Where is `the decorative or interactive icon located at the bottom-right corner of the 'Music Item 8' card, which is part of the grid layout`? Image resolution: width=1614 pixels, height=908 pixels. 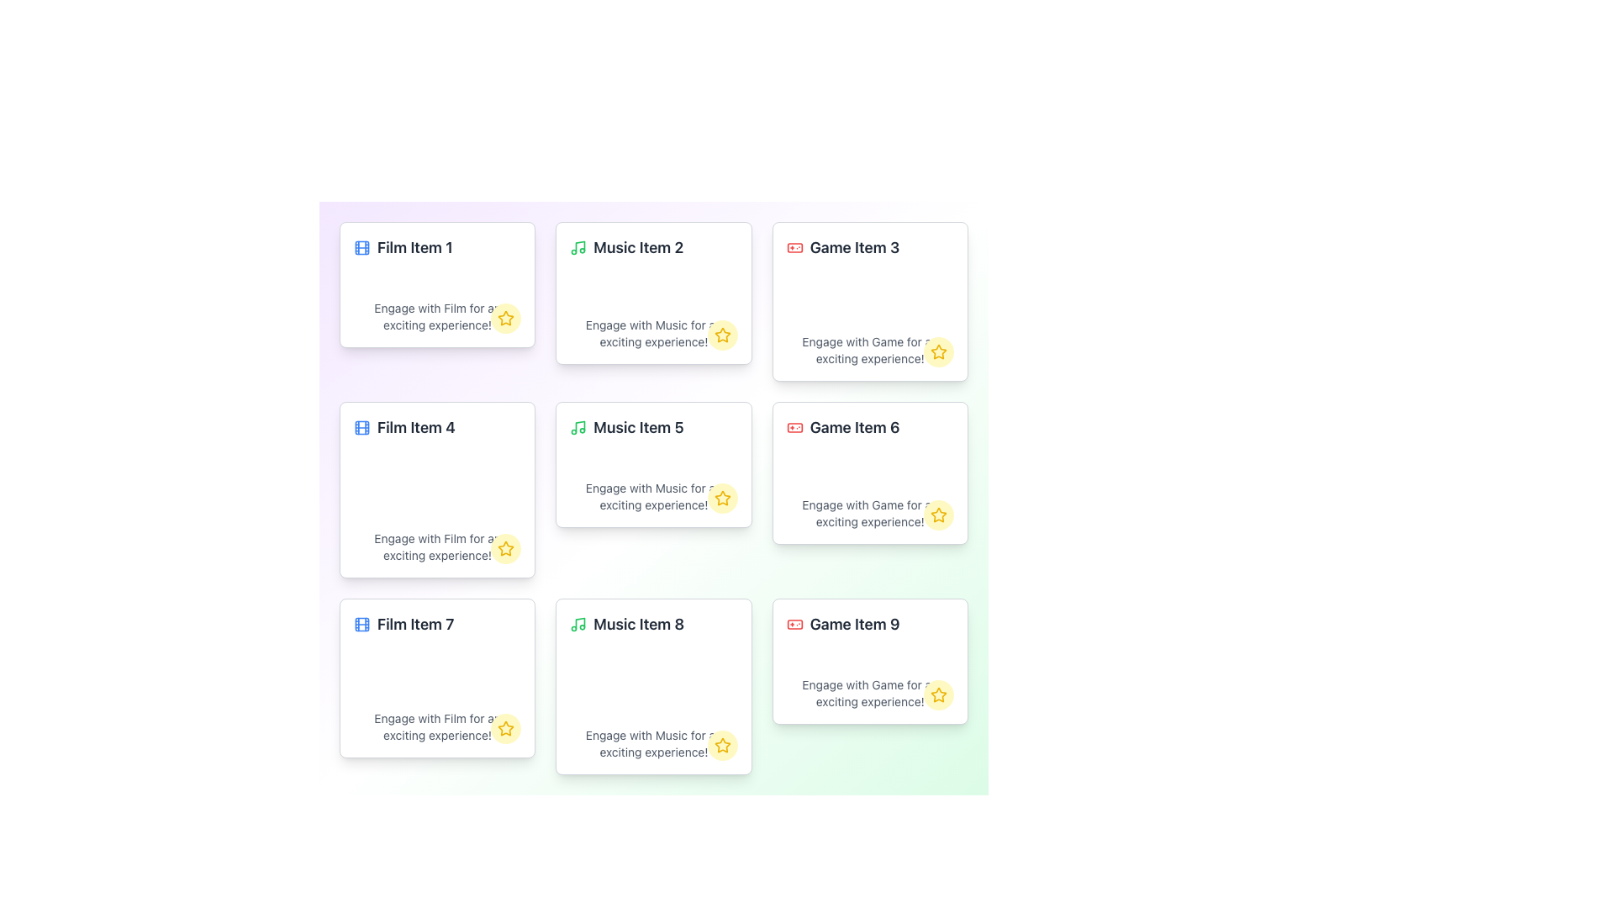 the decorative or interactive icon located at the bottom-right corner of the 'Music Item 8' card, which is part of the grid layout is located at coordinates (722, 745).